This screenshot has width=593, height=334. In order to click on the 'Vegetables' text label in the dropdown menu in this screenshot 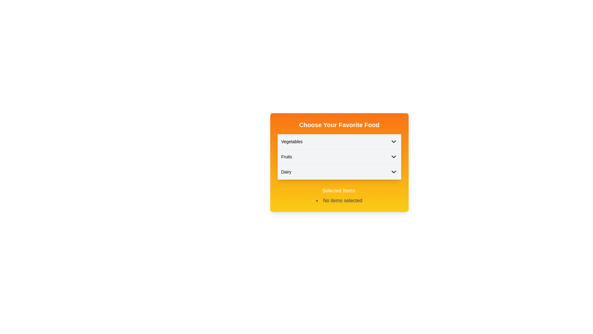, I will do `click(292, 142)`.